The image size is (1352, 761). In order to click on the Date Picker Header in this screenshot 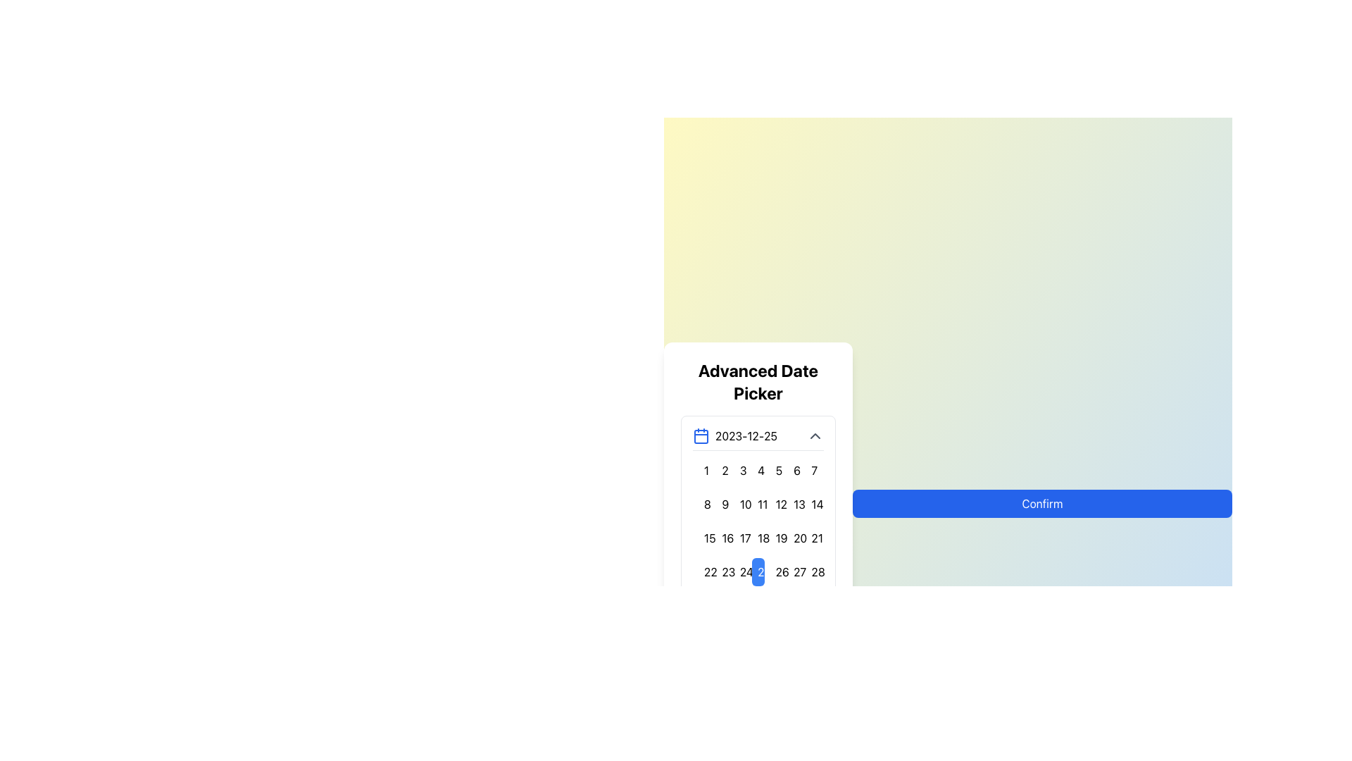, I will do `click(757, 435)`.